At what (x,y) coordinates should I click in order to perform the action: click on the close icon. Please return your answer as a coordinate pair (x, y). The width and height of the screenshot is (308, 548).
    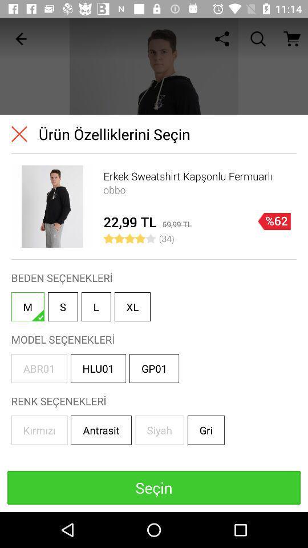
    Looking at the image, I should click on (18, 134).